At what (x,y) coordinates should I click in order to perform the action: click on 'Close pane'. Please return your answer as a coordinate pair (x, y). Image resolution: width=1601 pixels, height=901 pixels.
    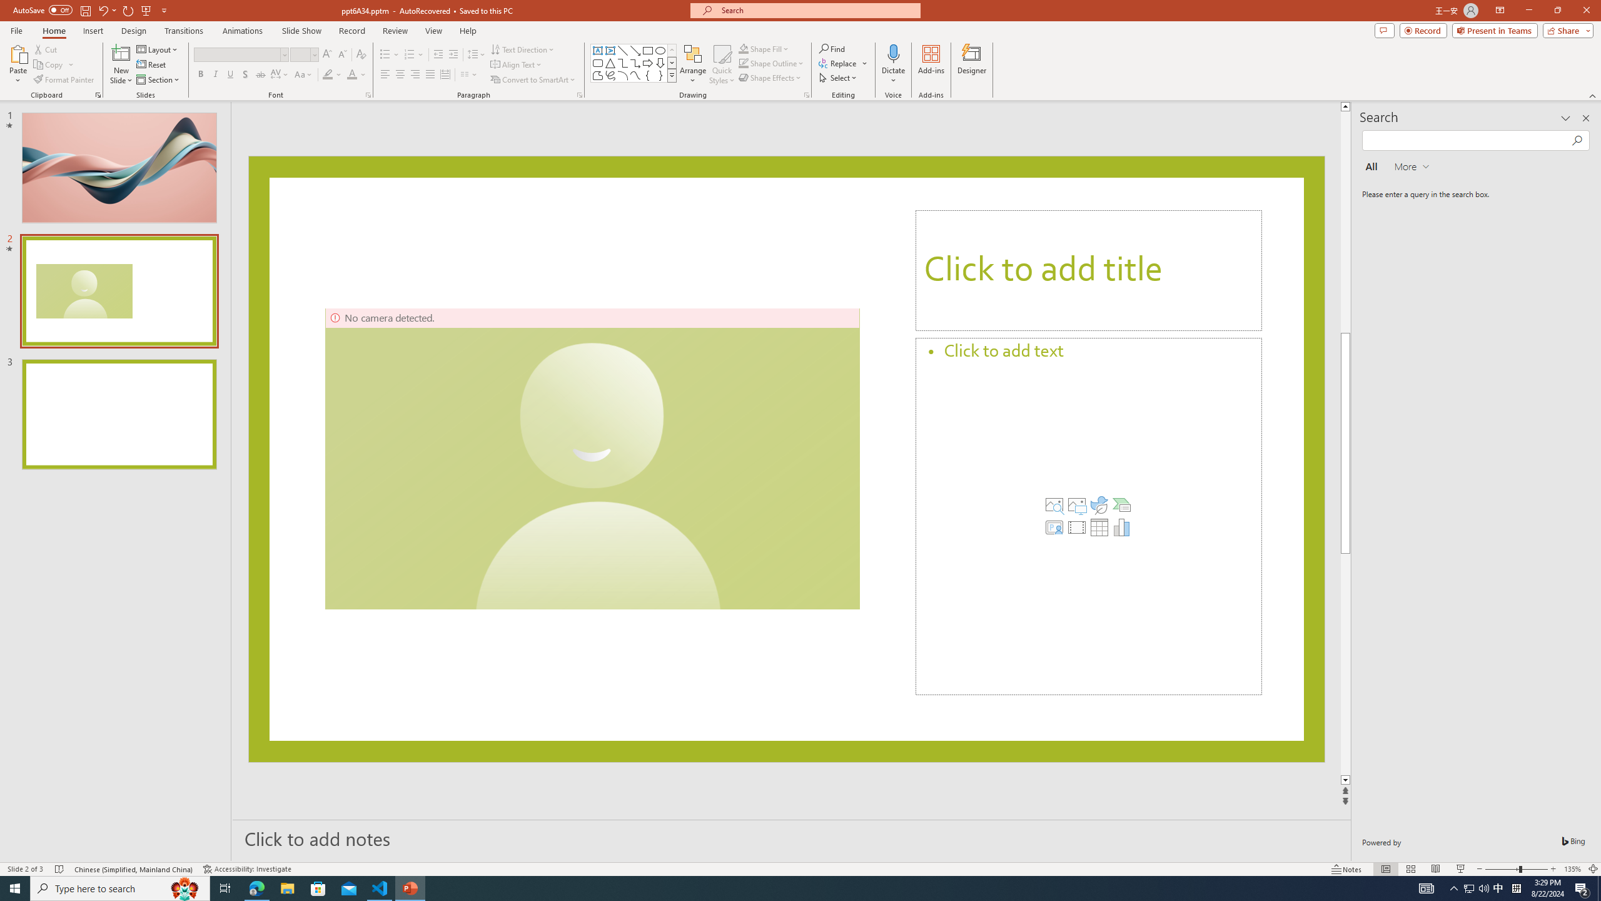
    Looking at the image, I should click on (1585, 118).